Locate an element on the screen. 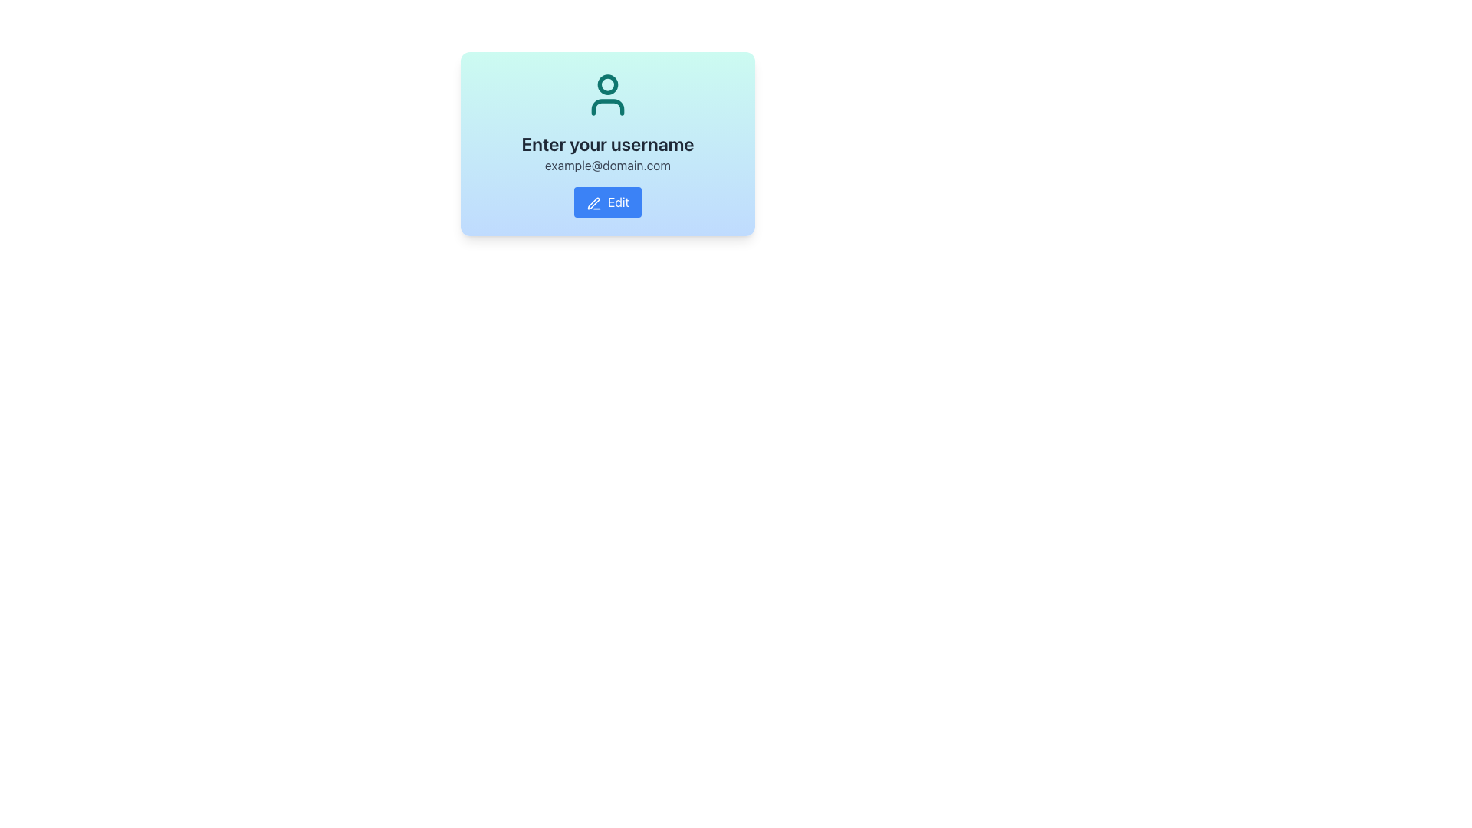 This screenshot has height=828, width=1472. the blue 'Edit' button with rounded corners and a pen icon is located at coordinates (606, 201).